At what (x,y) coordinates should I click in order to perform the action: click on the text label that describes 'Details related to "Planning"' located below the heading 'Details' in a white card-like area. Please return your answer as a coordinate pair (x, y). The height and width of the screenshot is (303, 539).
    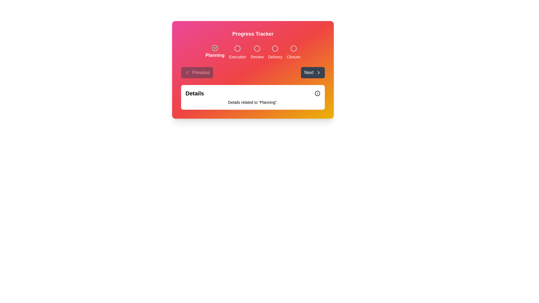
    Looking at the image, I should click on (253, 102).